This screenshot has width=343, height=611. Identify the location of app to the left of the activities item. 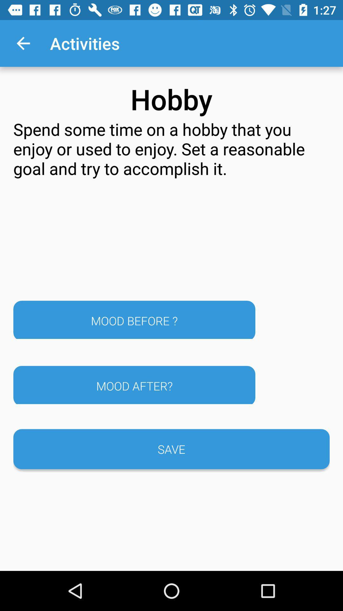
(23, 43).